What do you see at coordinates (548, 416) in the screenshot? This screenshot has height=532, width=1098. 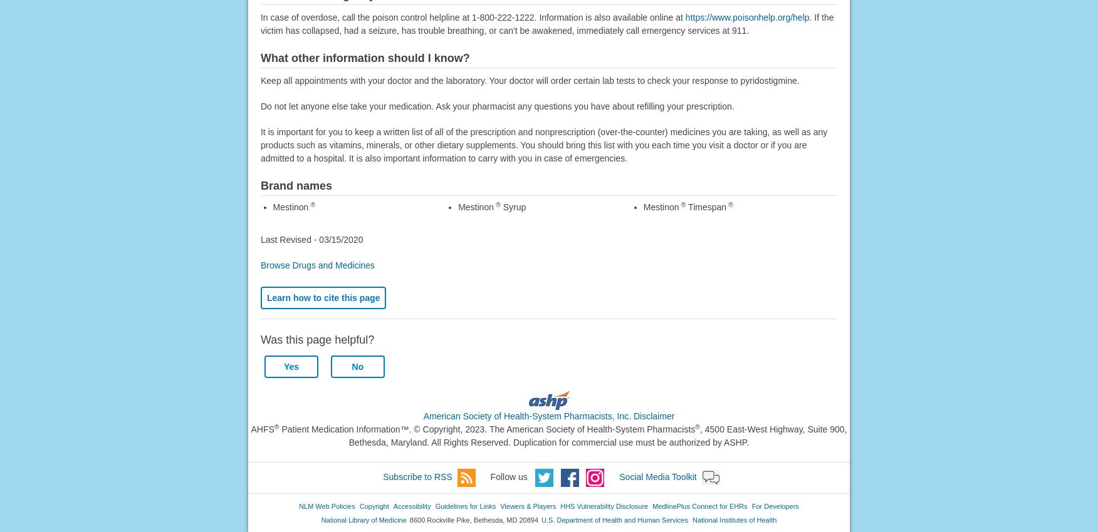 I see `'American Society of Health-System Pharmacists, Inc. Disclaimer'` at bounding box center [548, 416].